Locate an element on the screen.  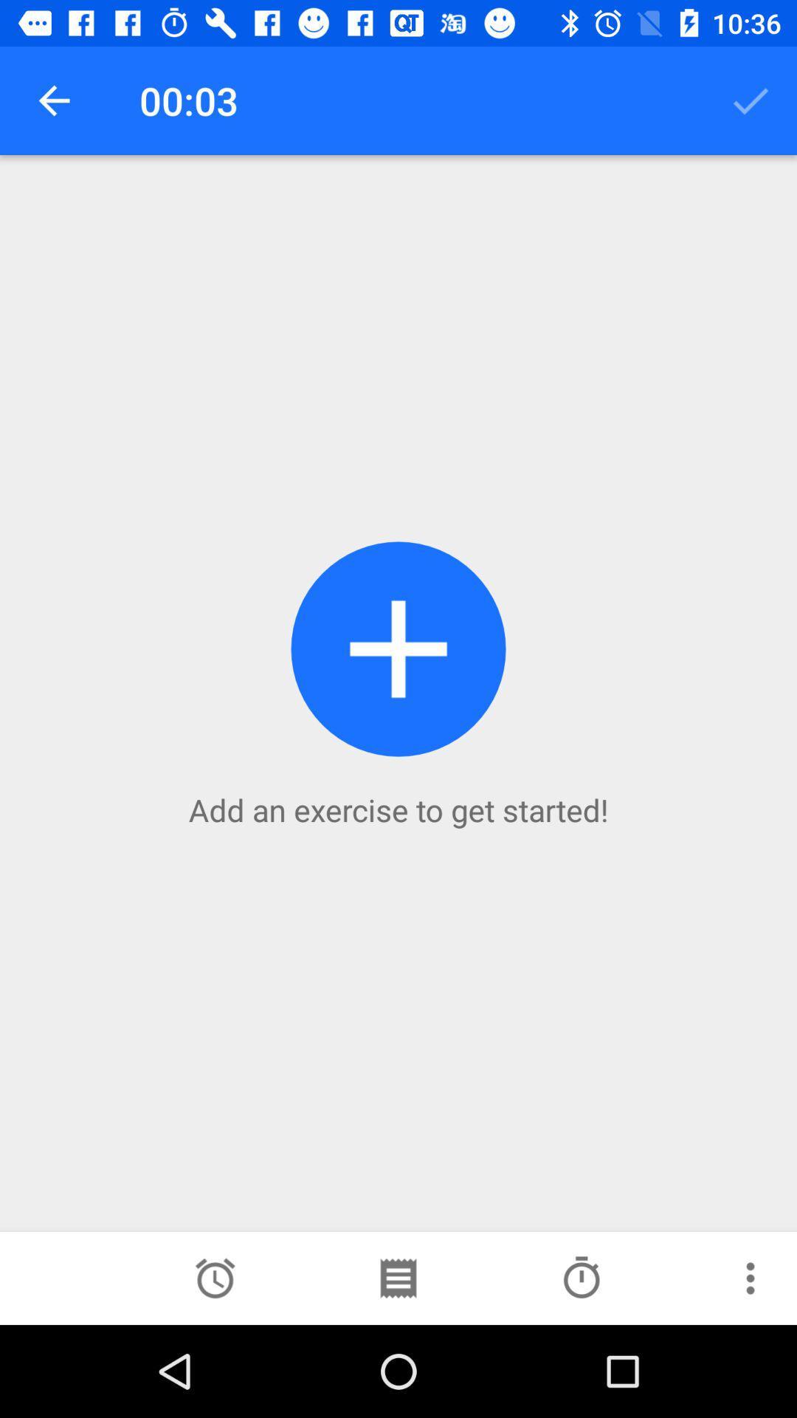
set timer is located at coordinates (215, 1278).